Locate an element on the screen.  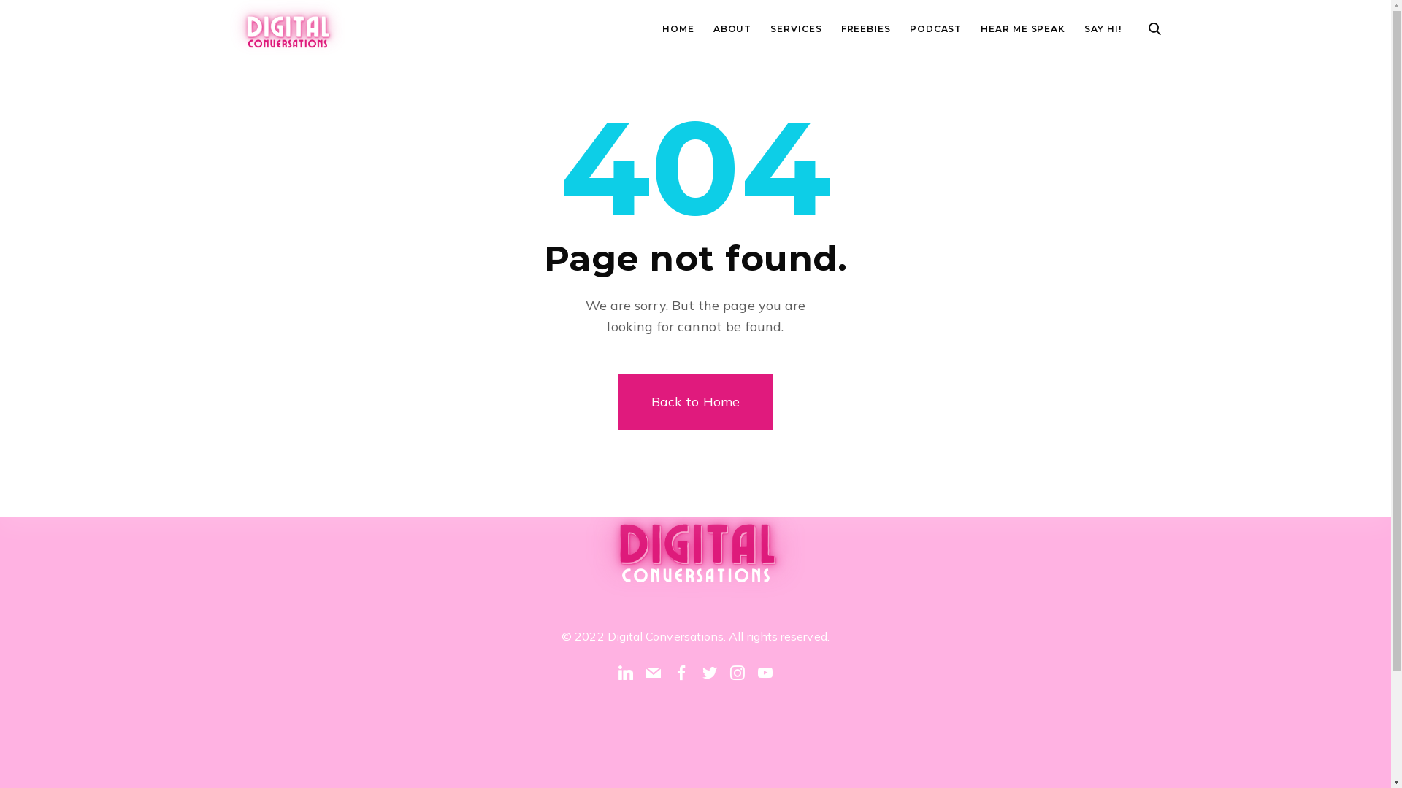
'PODCAST' is located at coordinates (935, 28).